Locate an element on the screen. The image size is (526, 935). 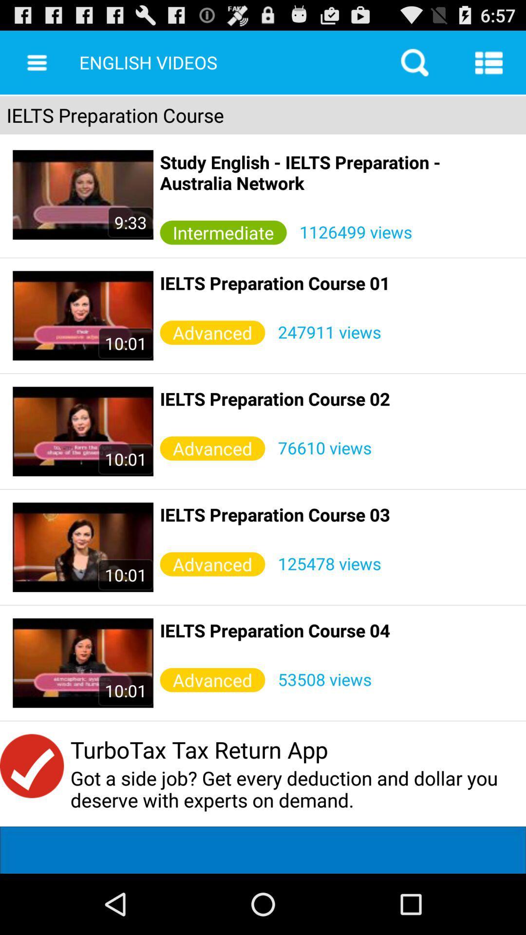
the list icon is located at coordinates (488, 66).